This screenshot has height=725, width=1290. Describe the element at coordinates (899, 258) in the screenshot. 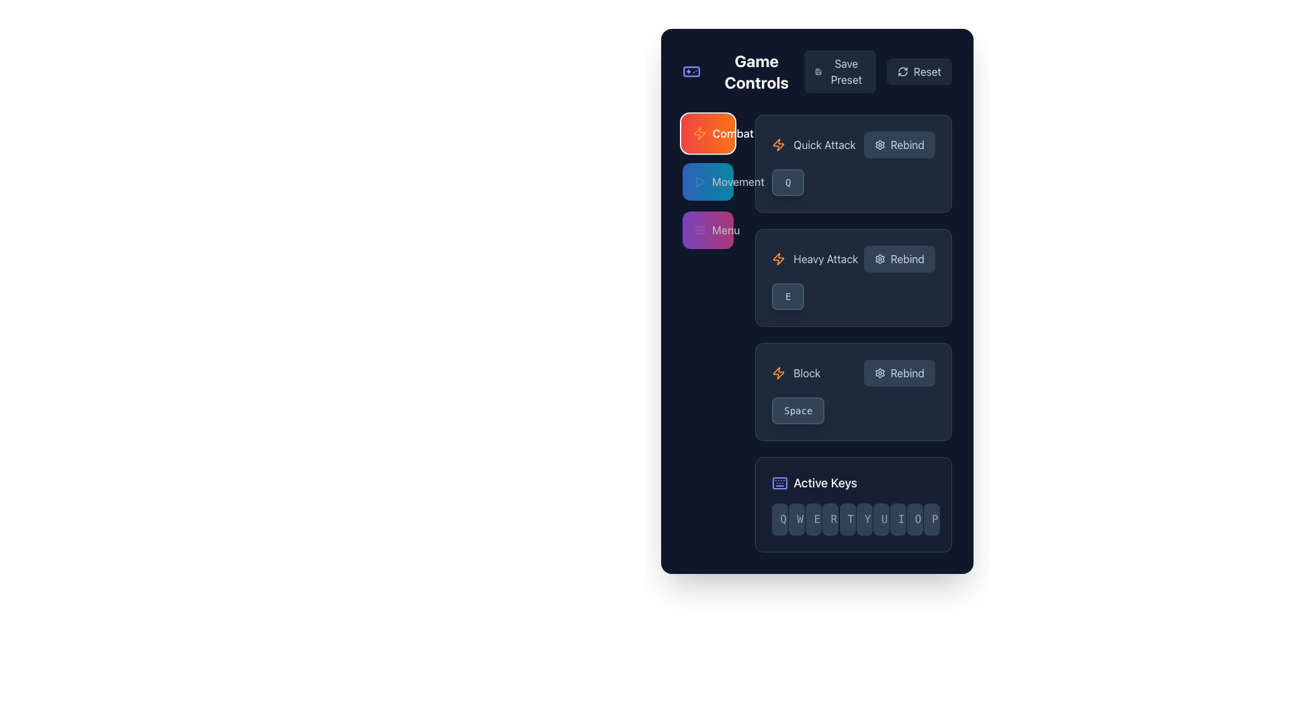

I see `the button located in the second row of the grid layout, positioned to the right of the 'E' keybinding button, to rebind the control associated with the 'Heavy Attack' action` at that location.